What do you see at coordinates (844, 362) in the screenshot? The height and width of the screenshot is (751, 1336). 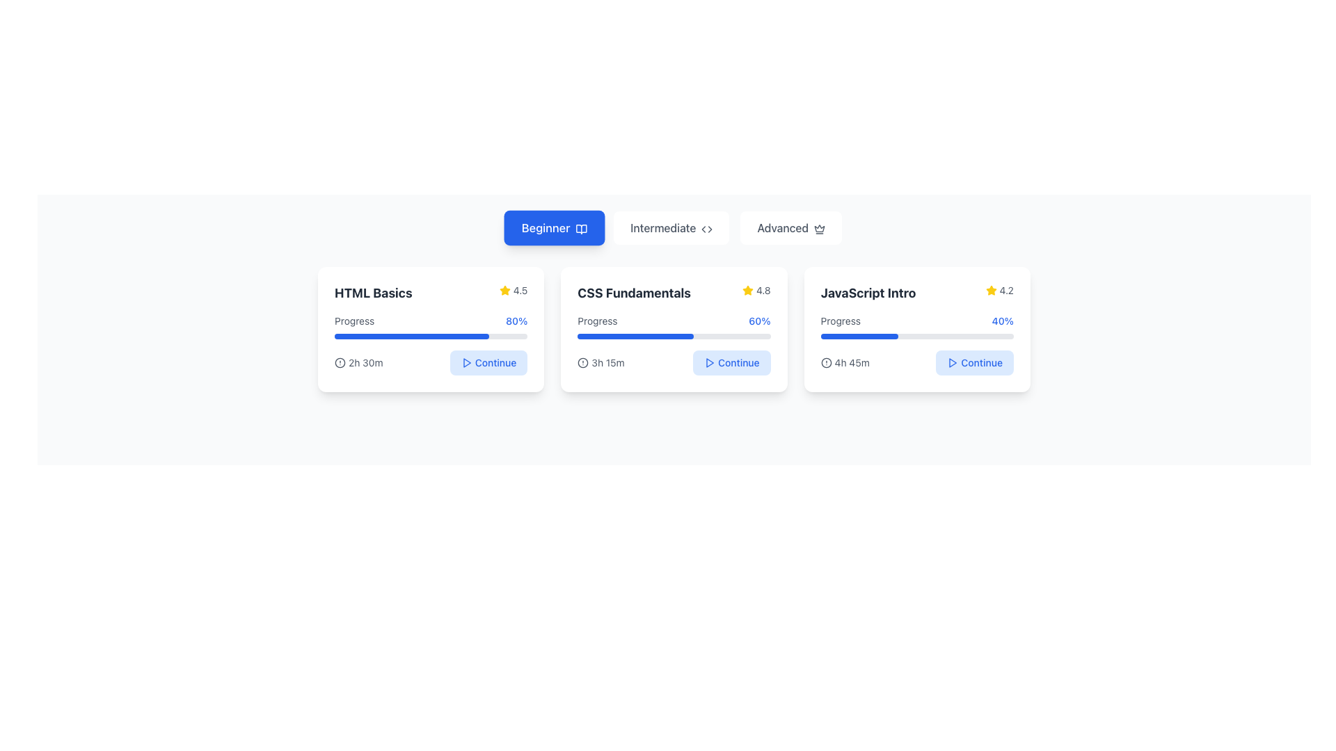 I see `displayed duration '4h 45m' from the text with an icon indicator located in the footer area of the 'JavaScript Intro' card` at bounding box center [844, 362].